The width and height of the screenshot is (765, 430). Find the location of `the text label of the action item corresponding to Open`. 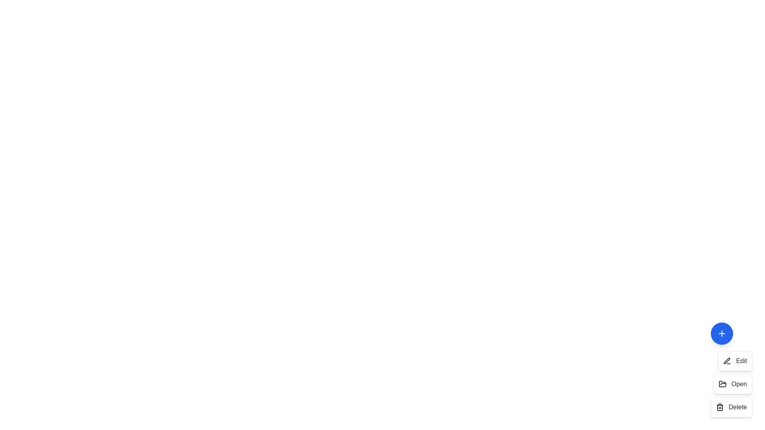

the text label of the action item corresponding to Open is located at coordinates (738, 383).